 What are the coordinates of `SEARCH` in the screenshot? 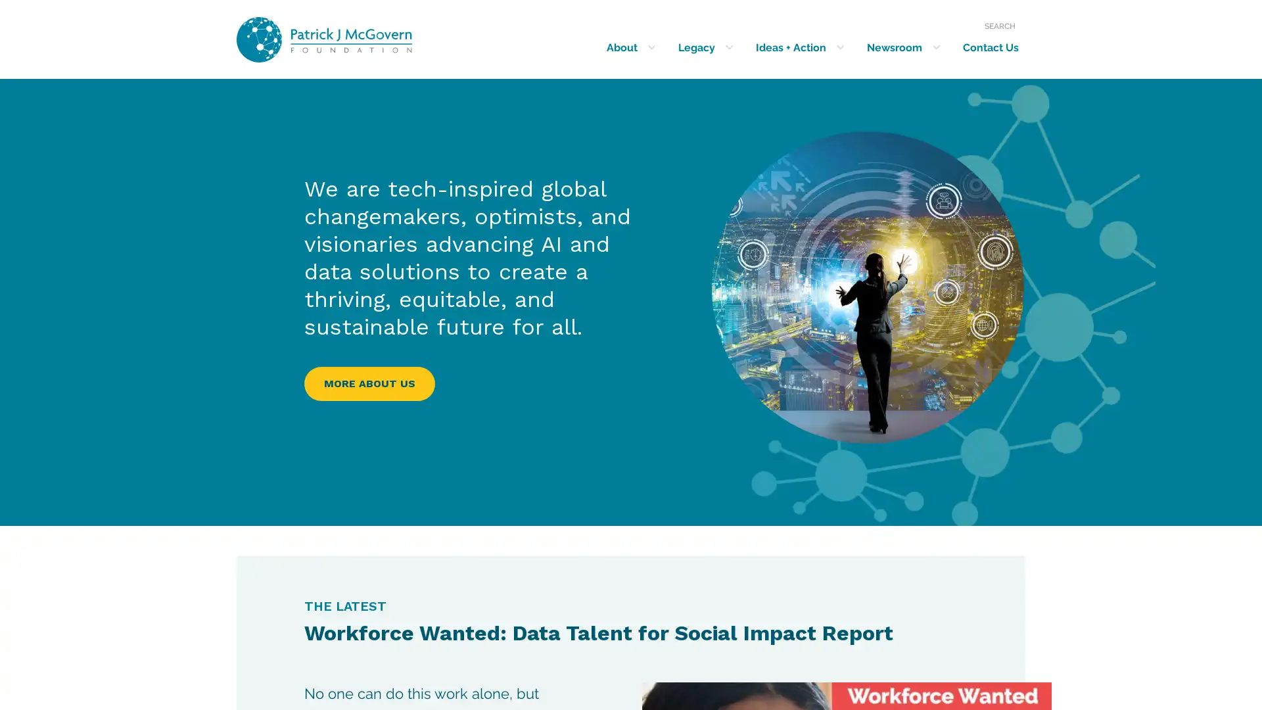 It's located at (999, 26).